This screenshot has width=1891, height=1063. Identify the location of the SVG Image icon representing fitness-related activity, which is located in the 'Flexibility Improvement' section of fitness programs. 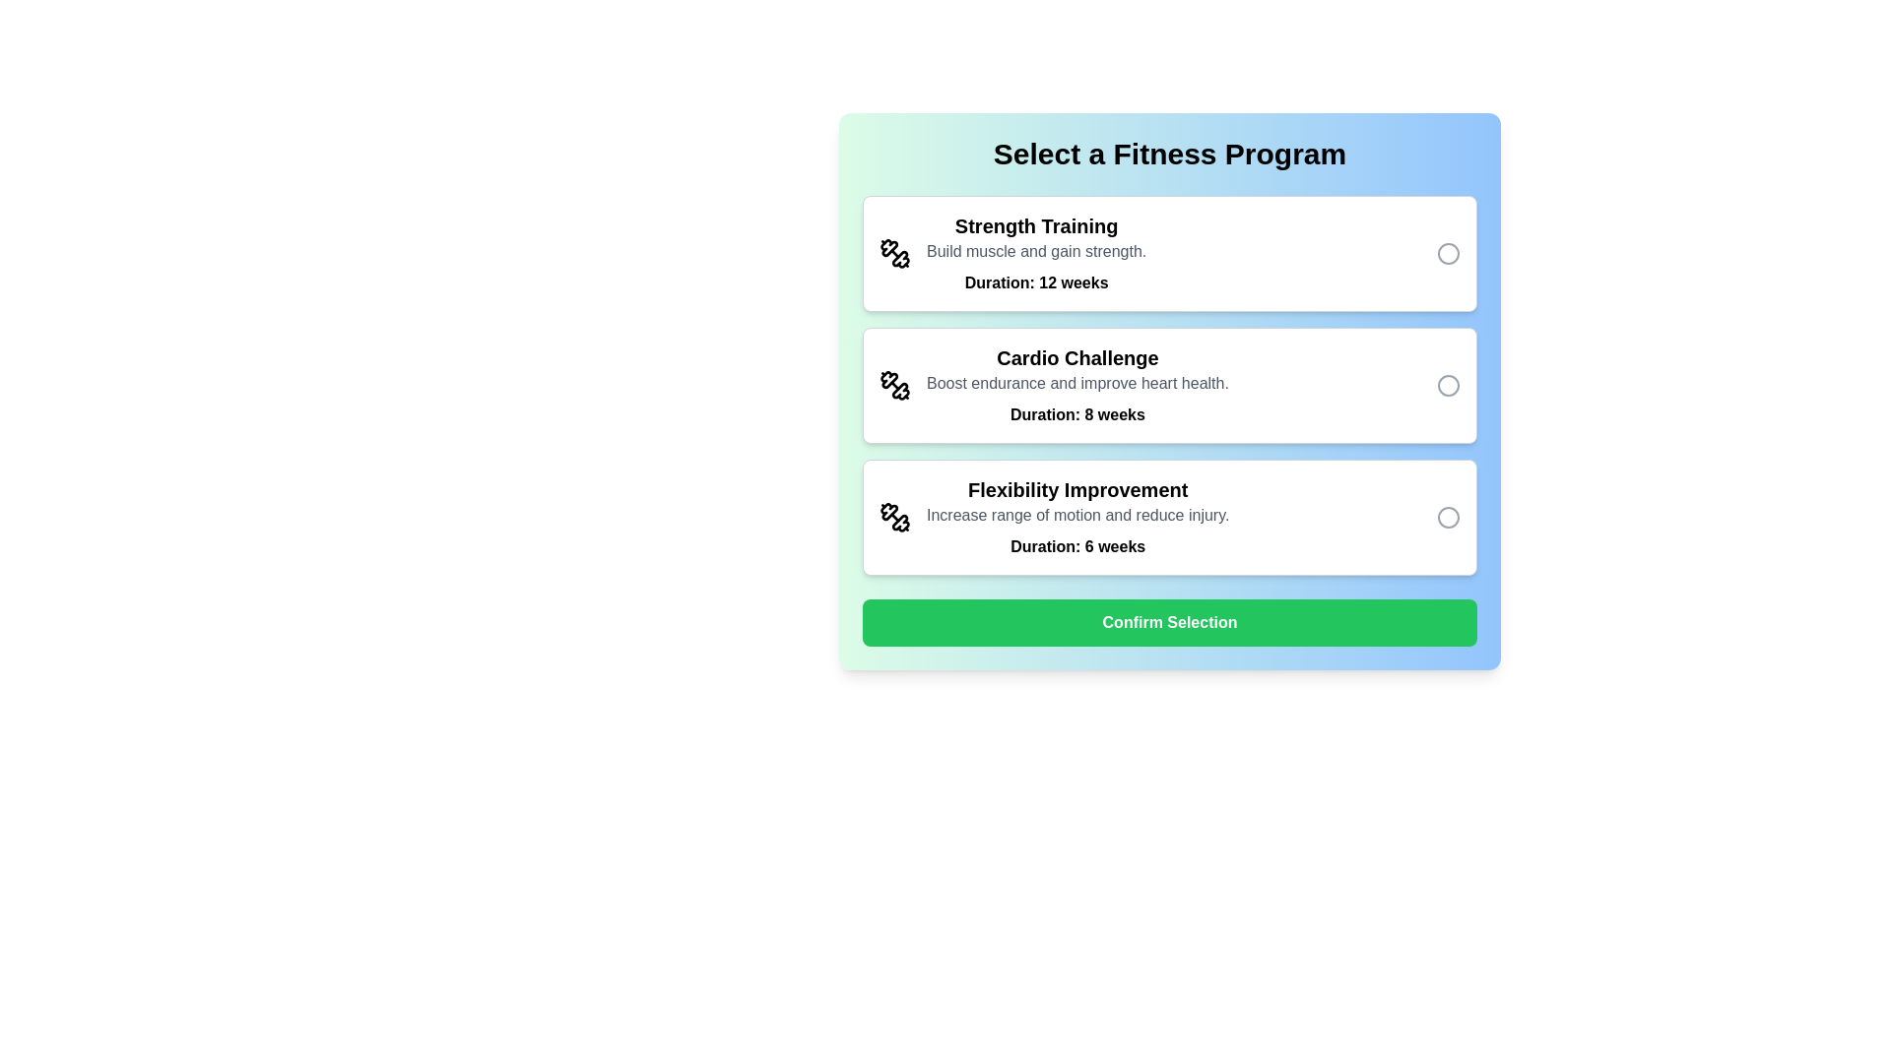
(893, 516).